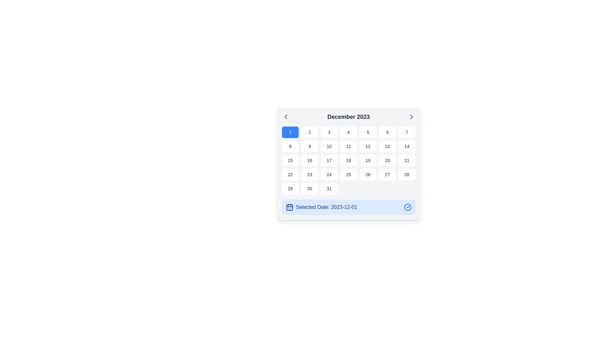 The height and width of the screenshot is (346, 616). I want to click on the button representing the date '13' in the December 2023 calendar, so click(387, 146).